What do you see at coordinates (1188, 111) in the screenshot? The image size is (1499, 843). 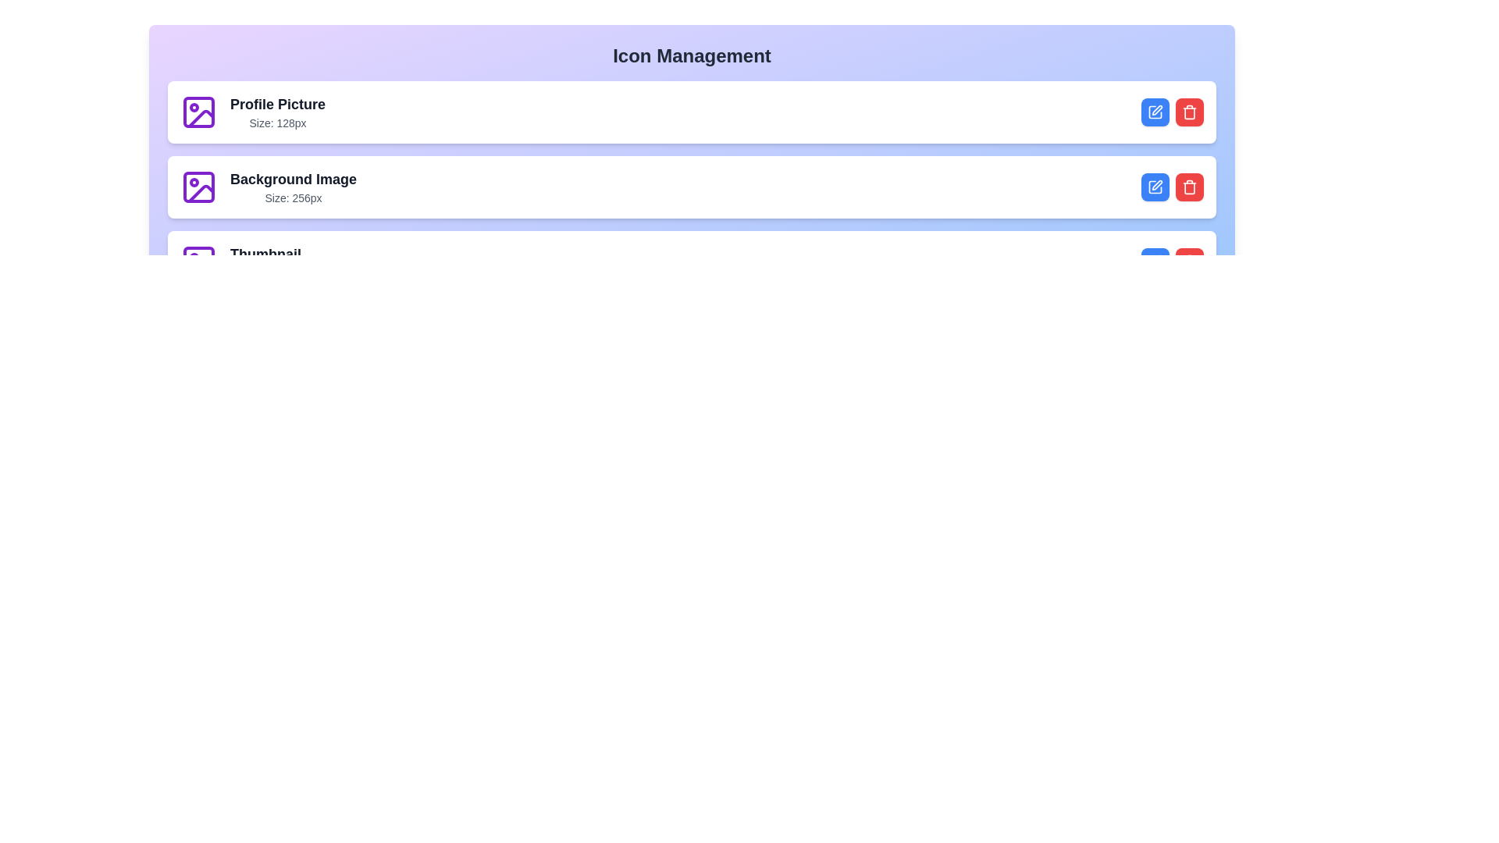 I see `the red trash bin icon button located at the far-right of the second row of listed items to initiate a delete action` at bounding box center [1188, 111].